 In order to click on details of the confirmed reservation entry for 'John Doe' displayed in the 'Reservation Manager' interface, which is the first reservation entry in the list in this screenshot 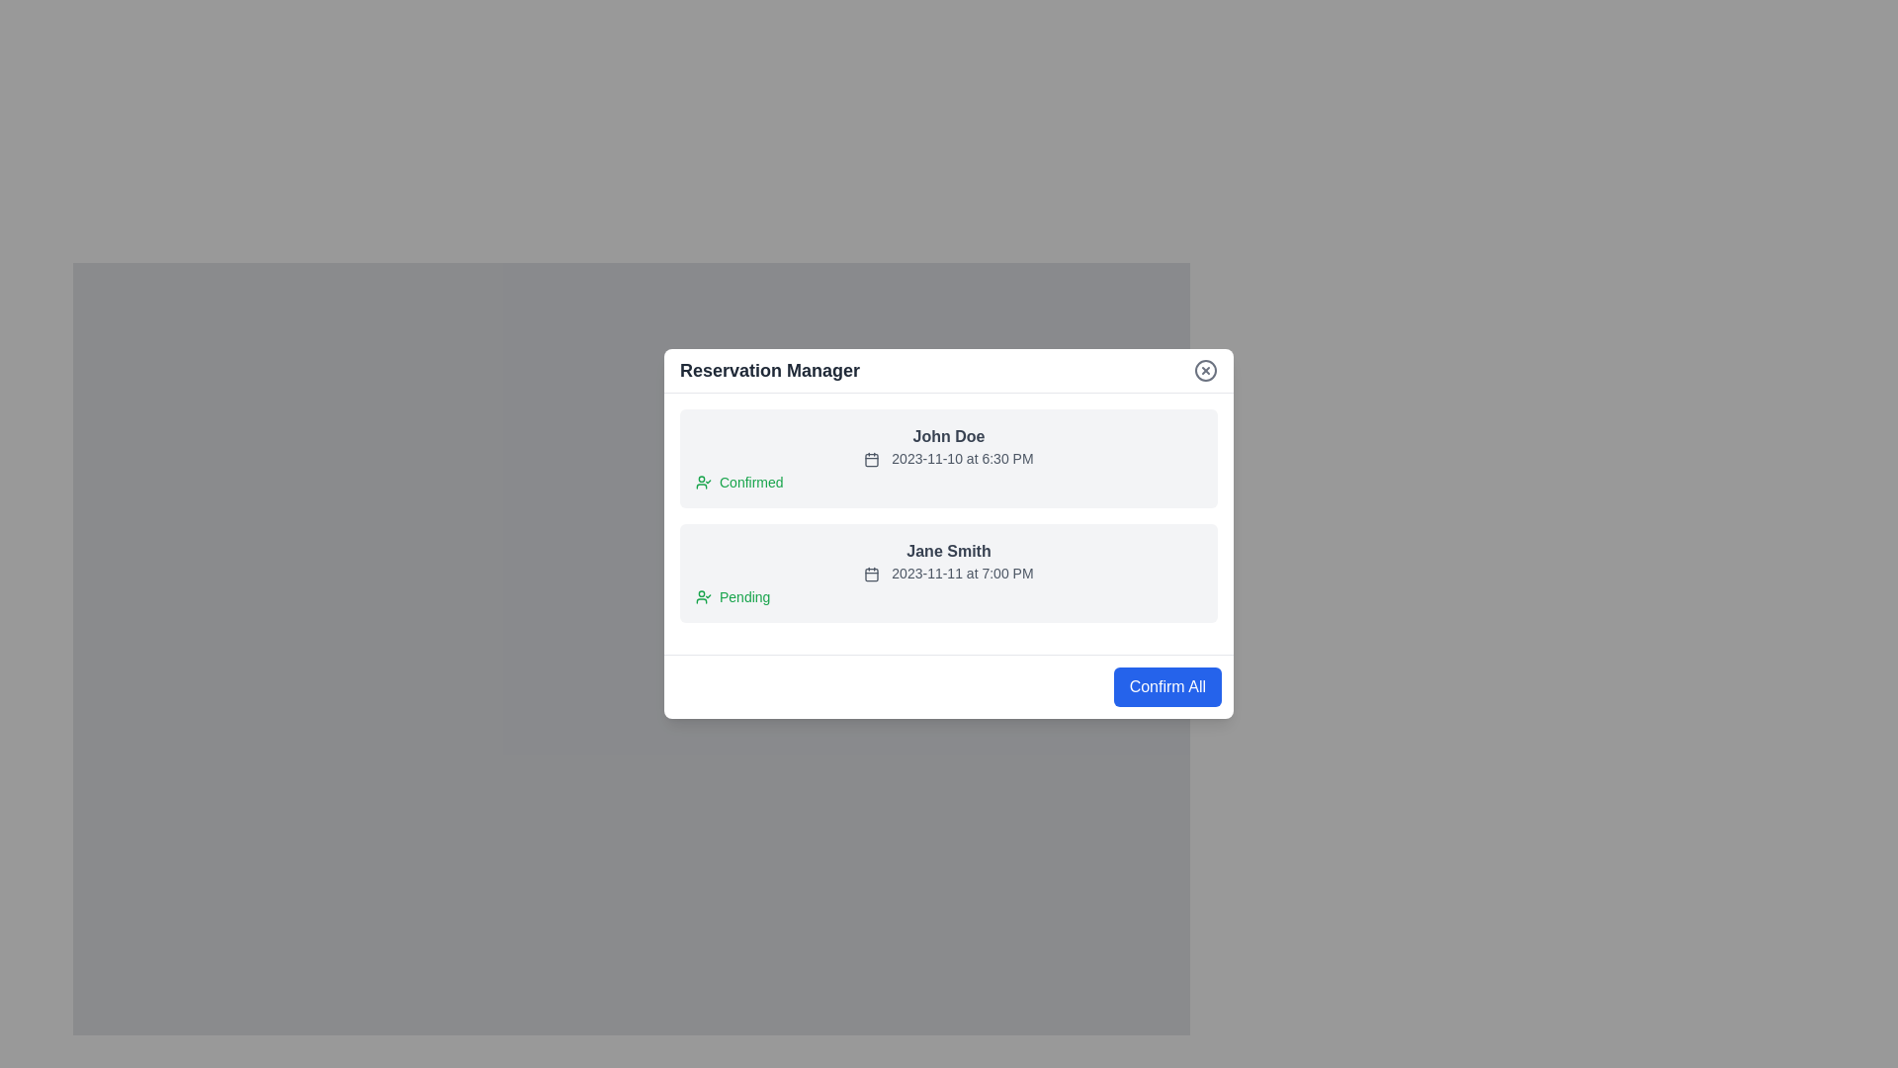, I will do `click(949, 458)`.